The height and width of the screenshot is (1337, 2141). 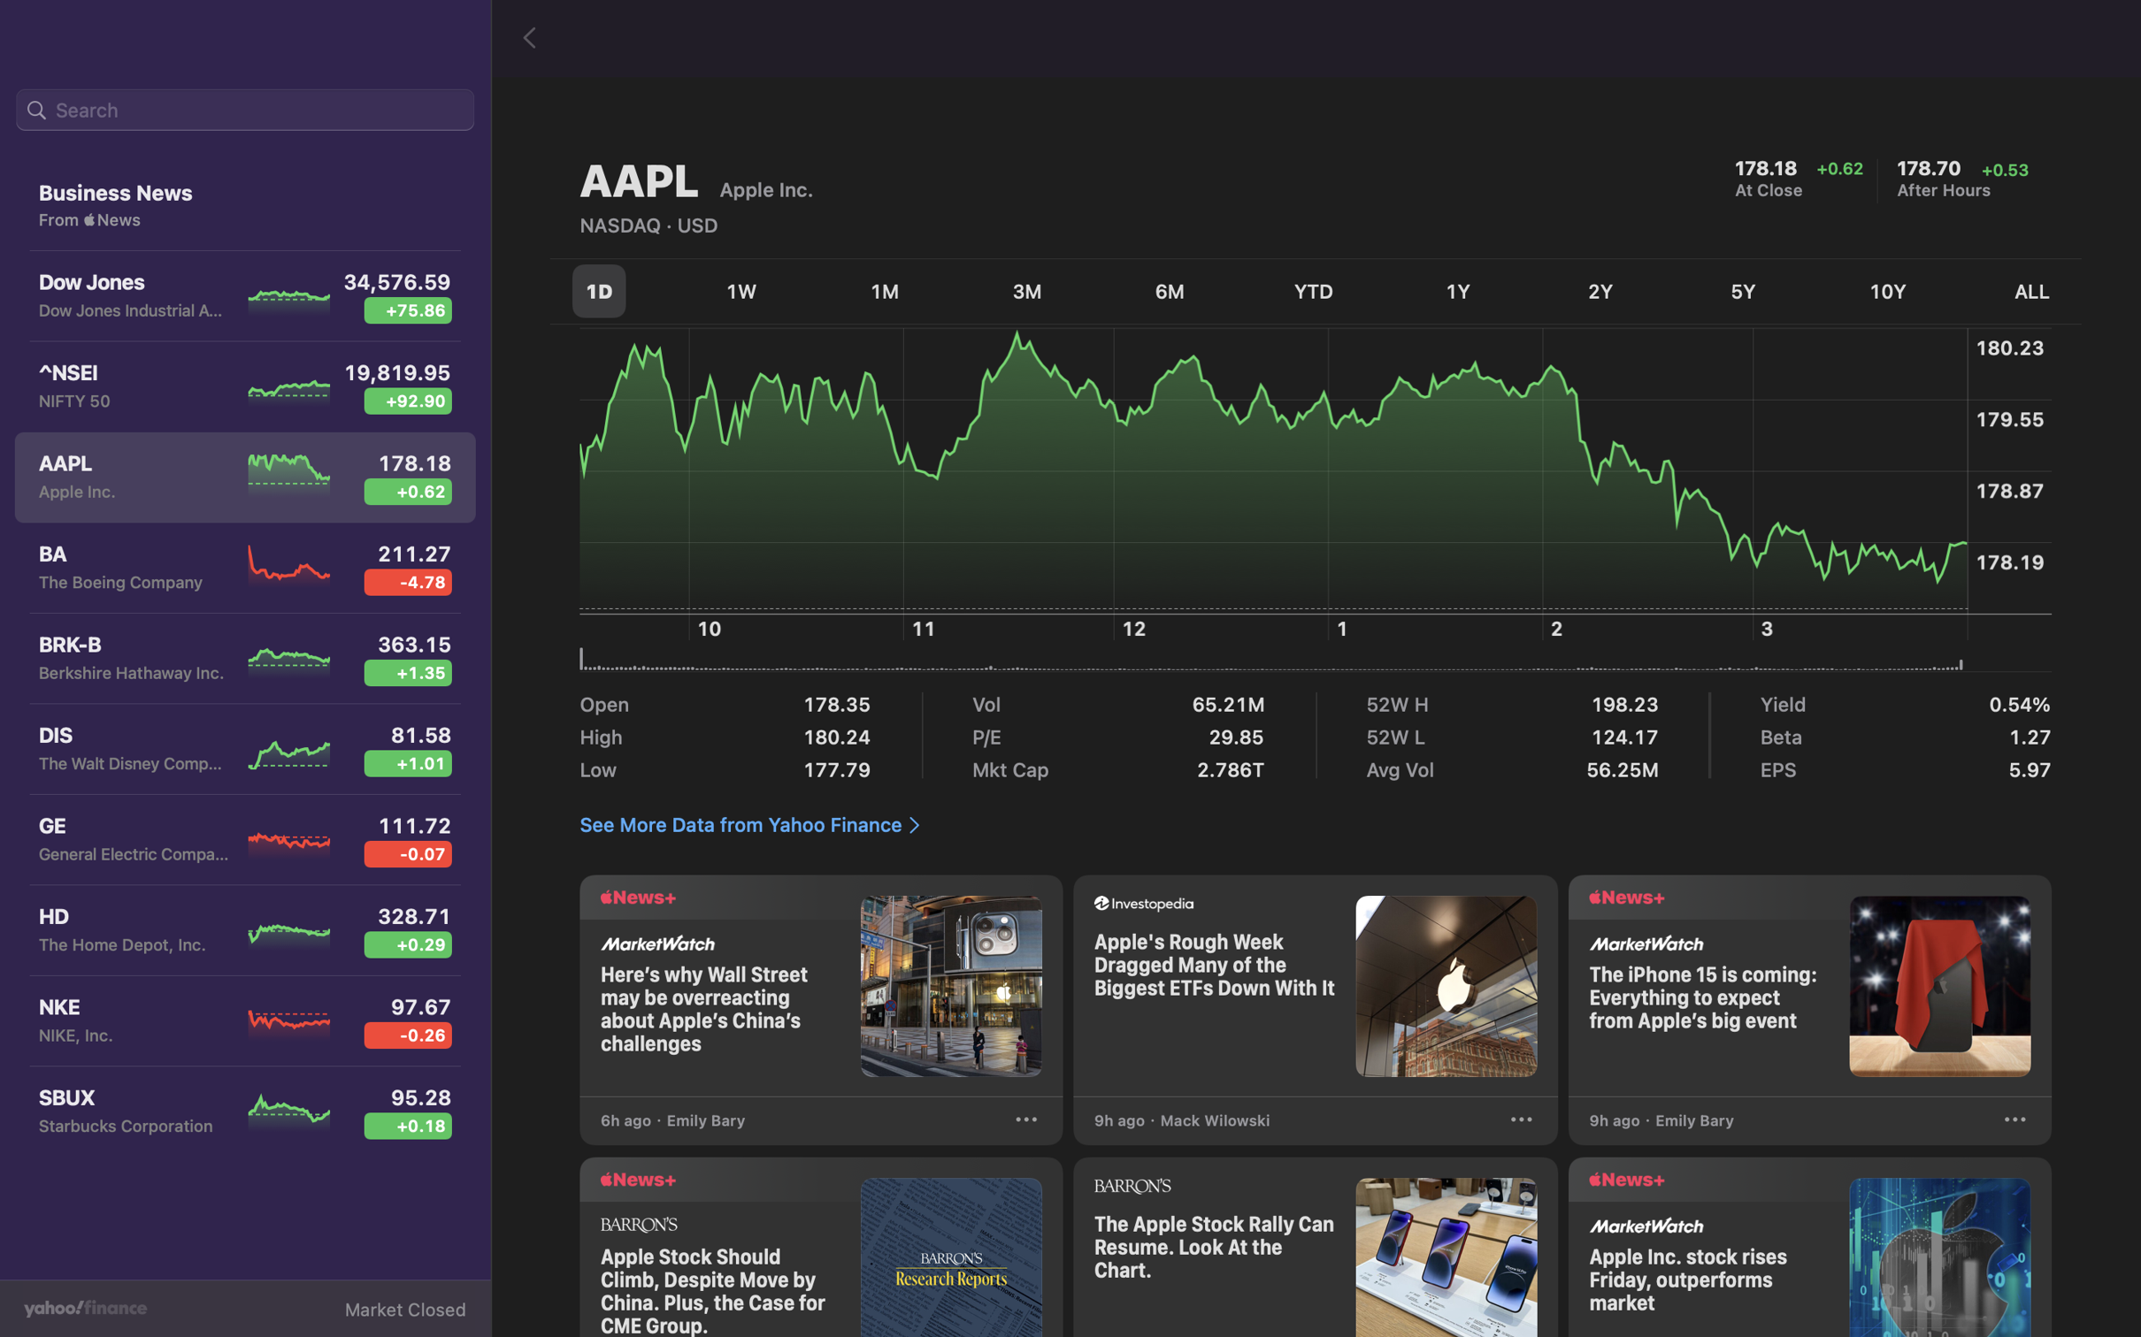 What do you see at coordinates (1139, 510) in the screenshot?
I see `View the stock change for 12 noon` at bounding box center [1139, 510].